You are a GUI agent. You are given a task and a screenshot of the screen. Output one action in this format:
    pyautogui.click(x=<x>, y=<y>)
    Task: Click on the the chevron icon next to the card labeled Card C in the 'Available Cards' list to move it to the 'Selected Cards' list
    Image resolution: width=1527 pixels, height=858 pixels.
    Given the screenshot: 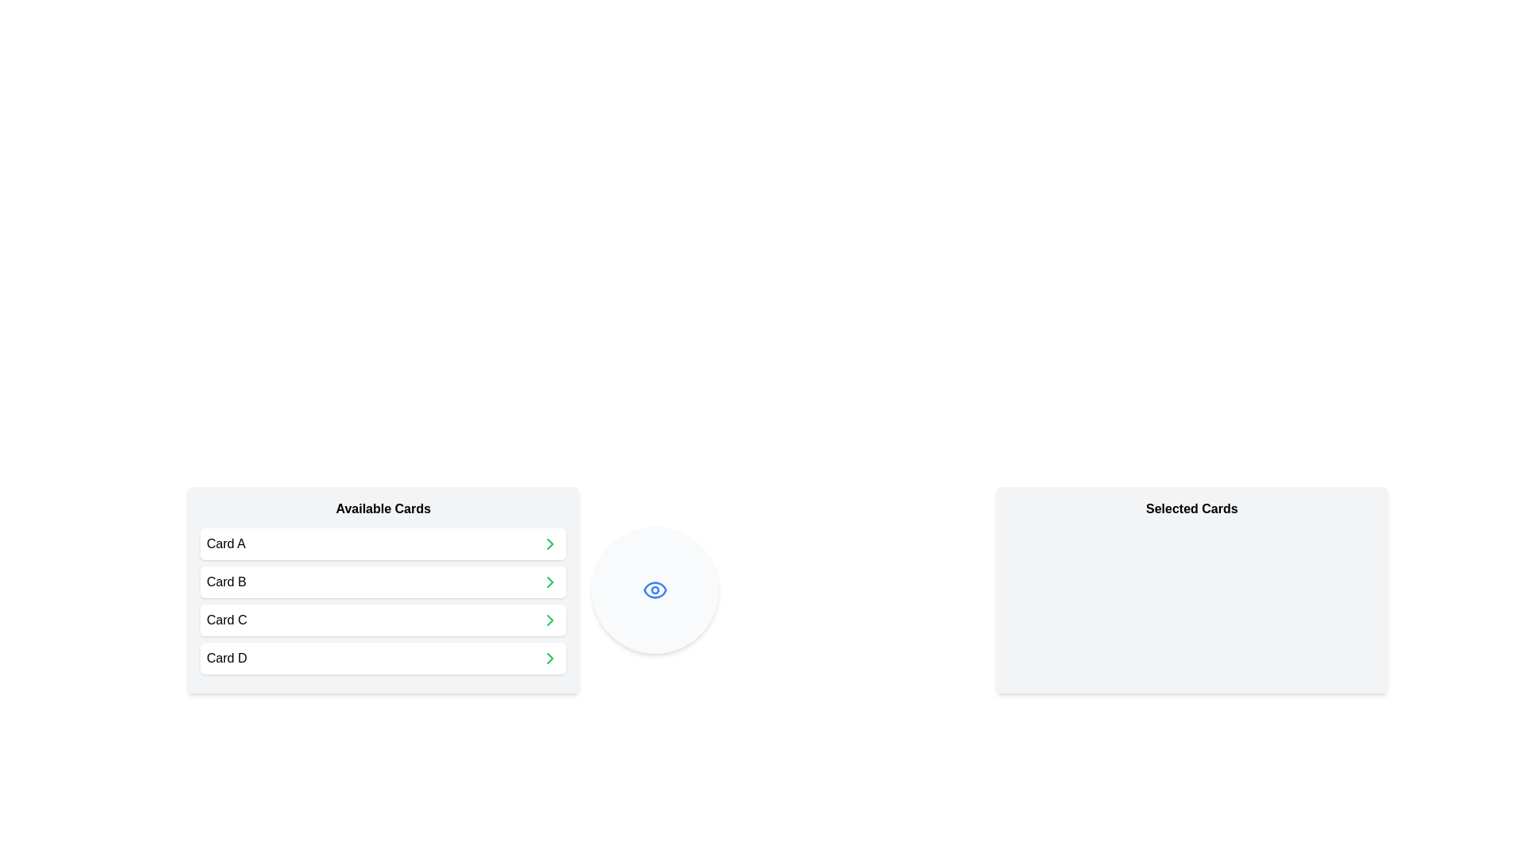 What is the action you would take?
    pyautogui.click(x=550, y=619)
    